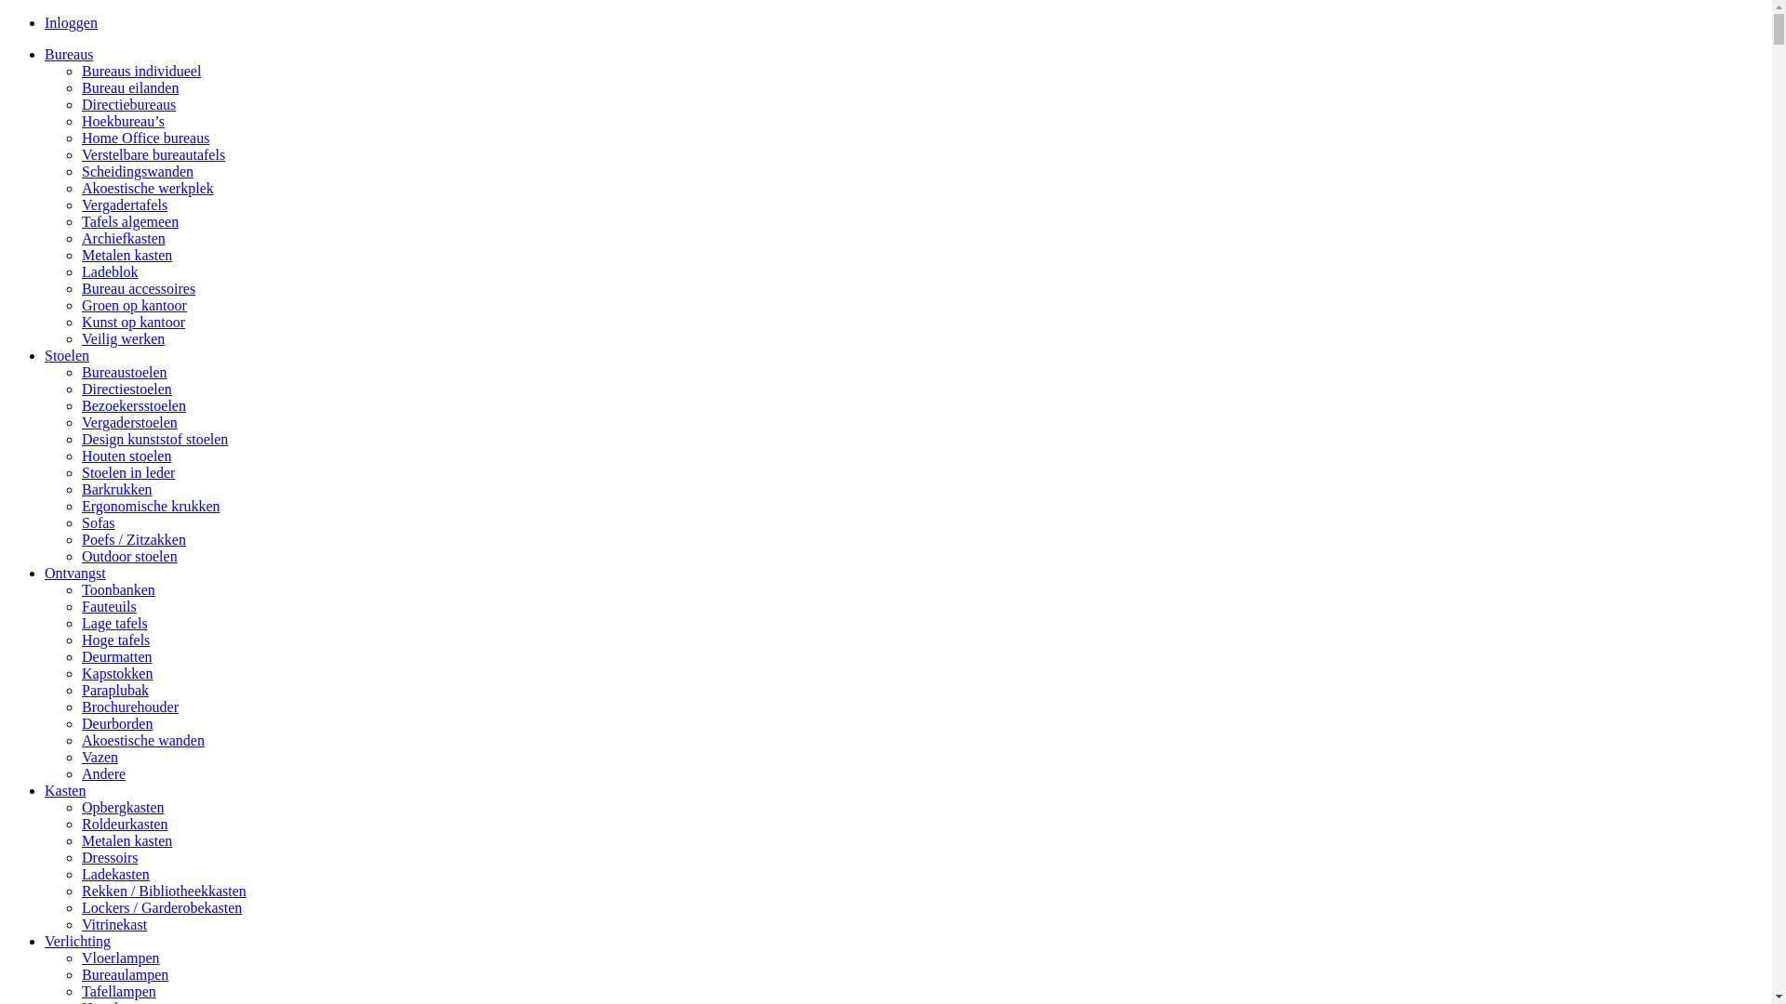 This screenshot has height=1004, width=1786. Describe the element at coordinates (127, 471) in the screenshot. I see `'Stoelen in leder'` at that location.